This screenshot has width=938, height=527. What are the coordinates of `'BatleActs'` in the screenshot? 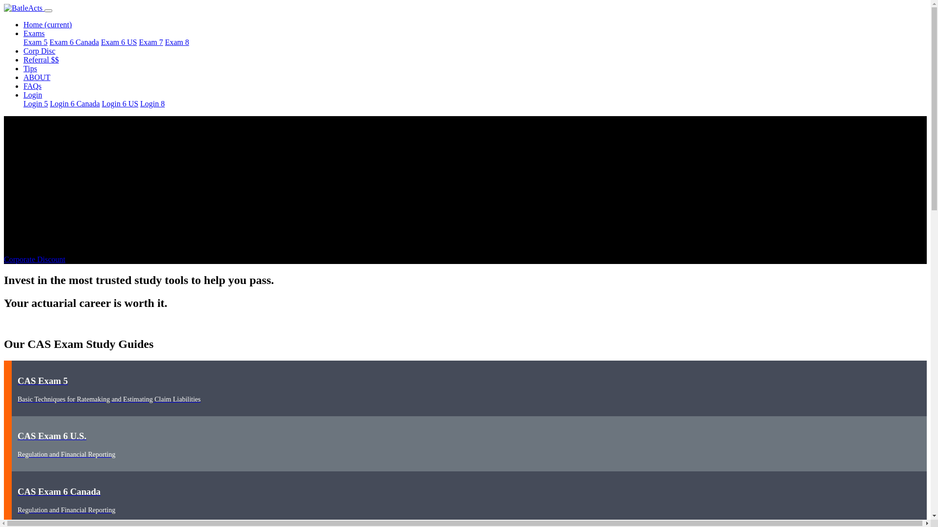 It's located at (4, 8).